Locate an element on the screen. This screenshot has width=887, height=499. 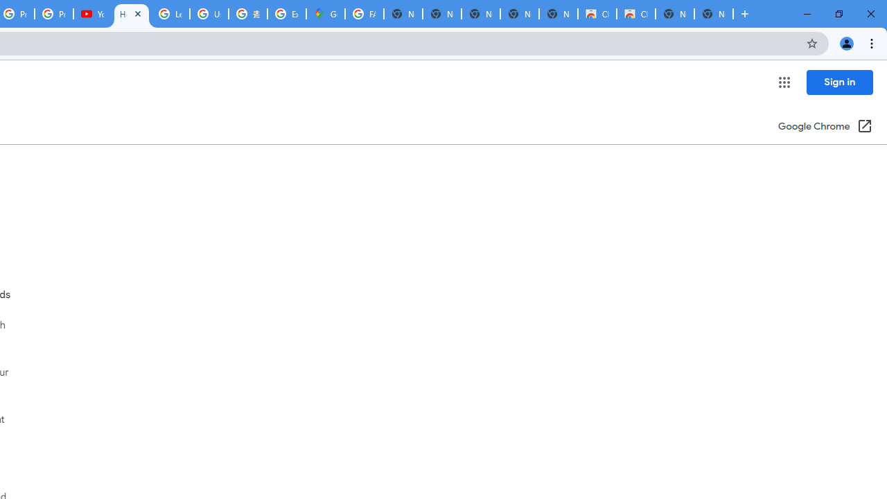
'Classic Blue - Chrome Web Store' is located at coordinates (597, 14).